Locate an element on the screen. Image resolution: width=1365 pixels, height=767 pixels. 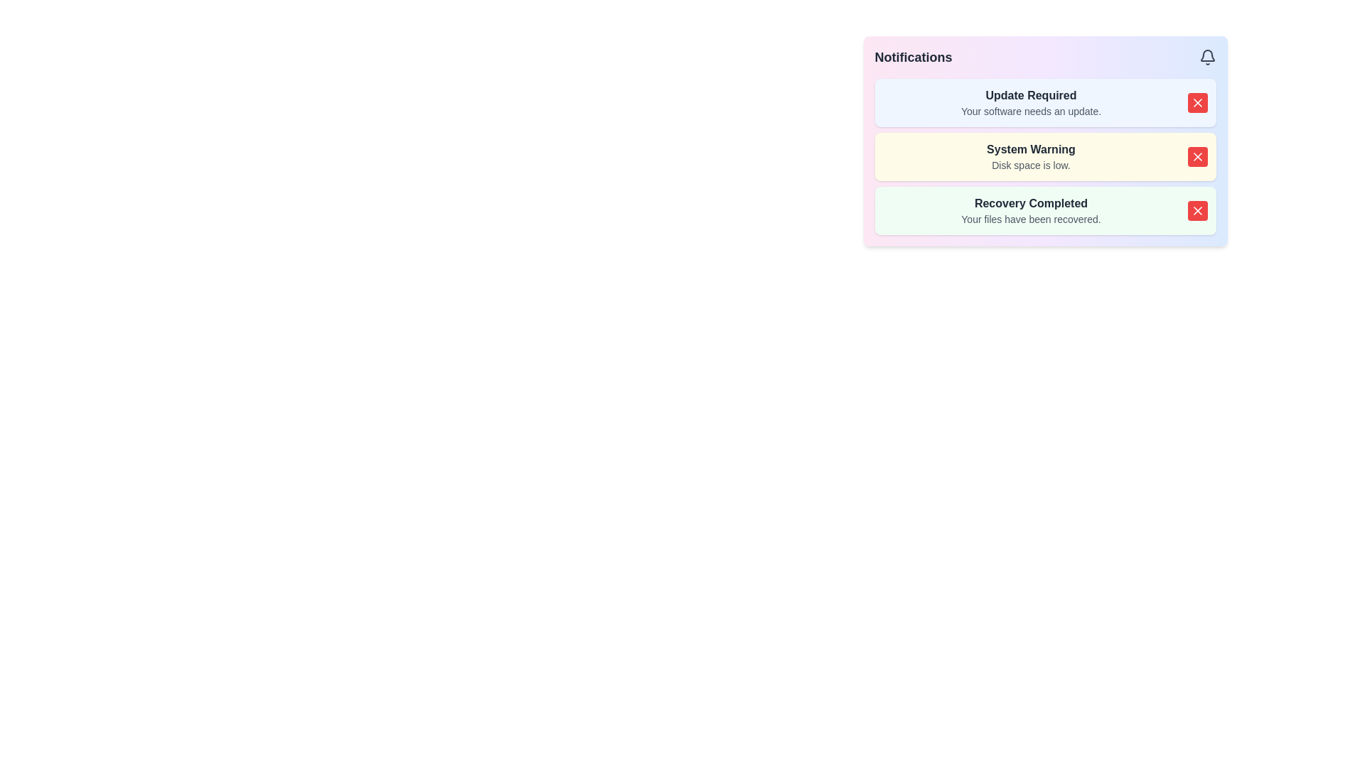
the small red square button with a white 'X' icon in the top-right corner of the 'Update Required' notification is located at coordinates (1197, 102).